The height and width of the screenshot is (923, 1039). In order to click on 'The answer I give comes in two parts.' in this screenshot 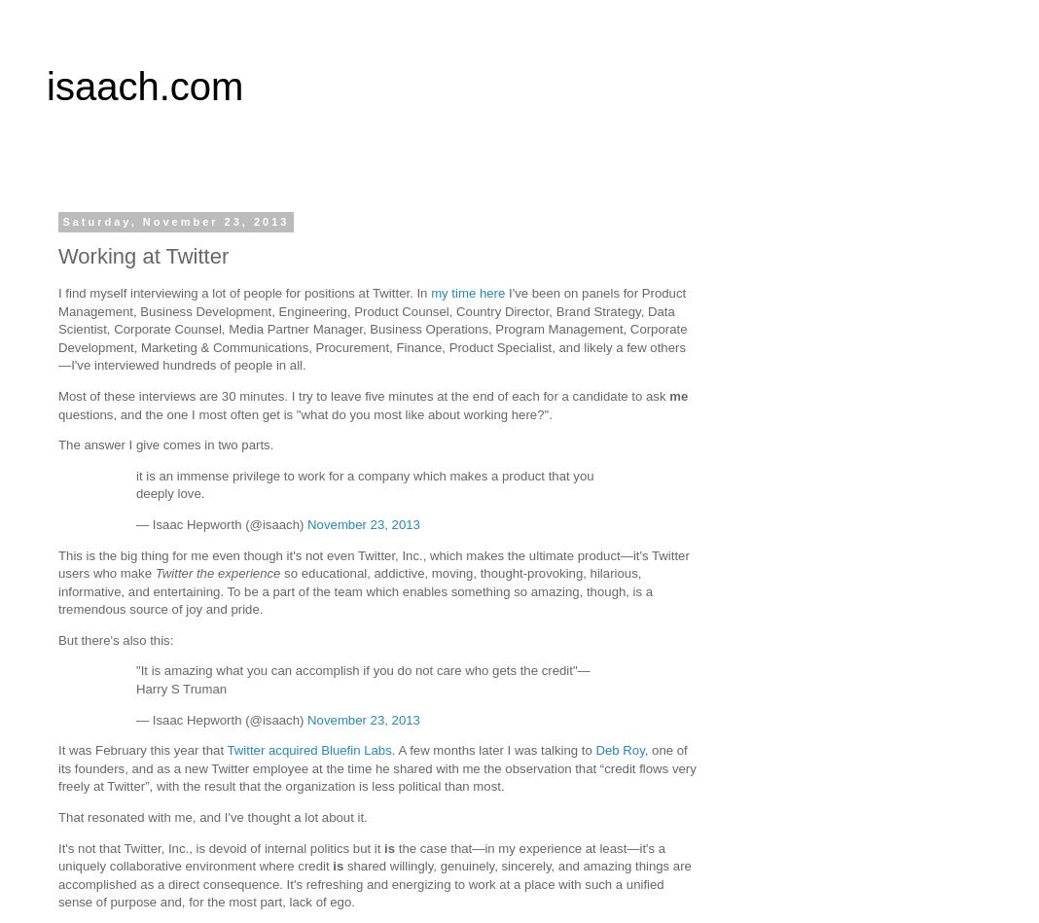, I will do `click(165, 444)`.